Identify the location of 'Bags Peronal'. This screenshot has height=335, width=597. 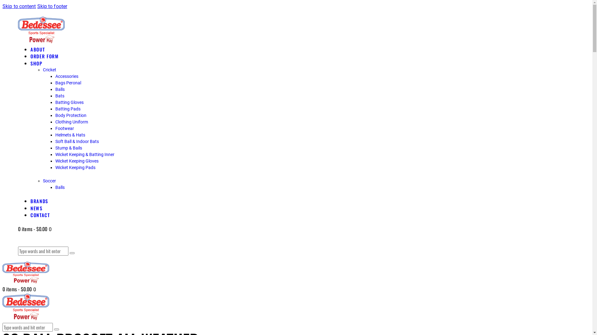
(68, 82).